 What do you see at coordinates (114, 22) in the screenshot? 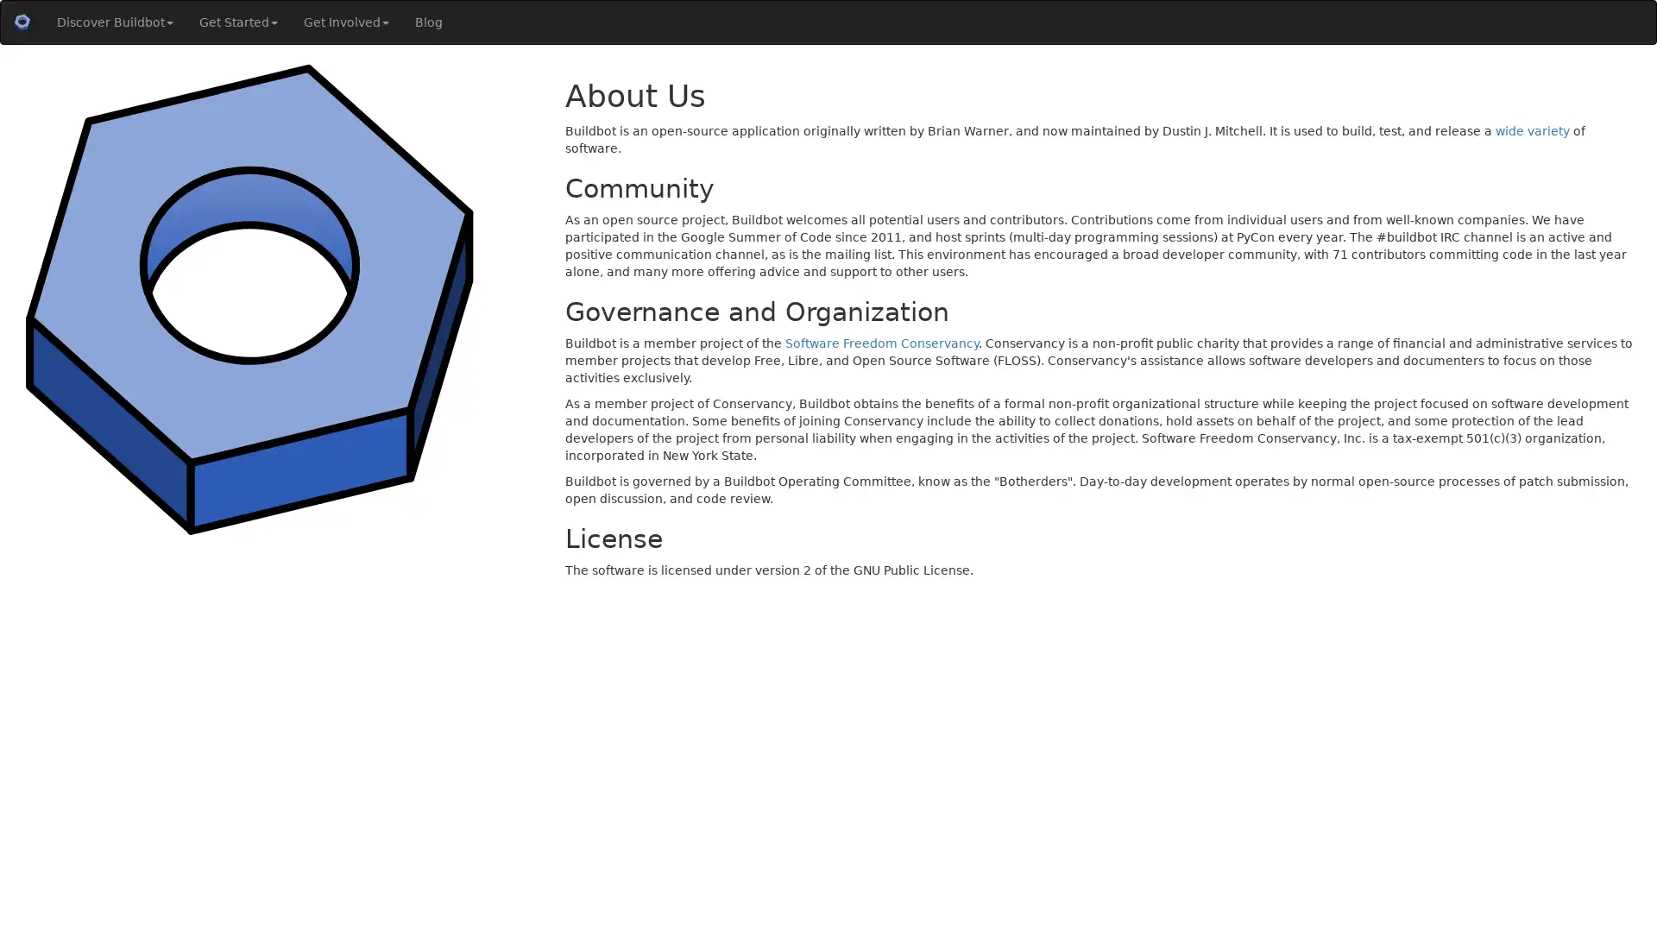
I see `Discover Buildbot` at bounding box center [114, 22].